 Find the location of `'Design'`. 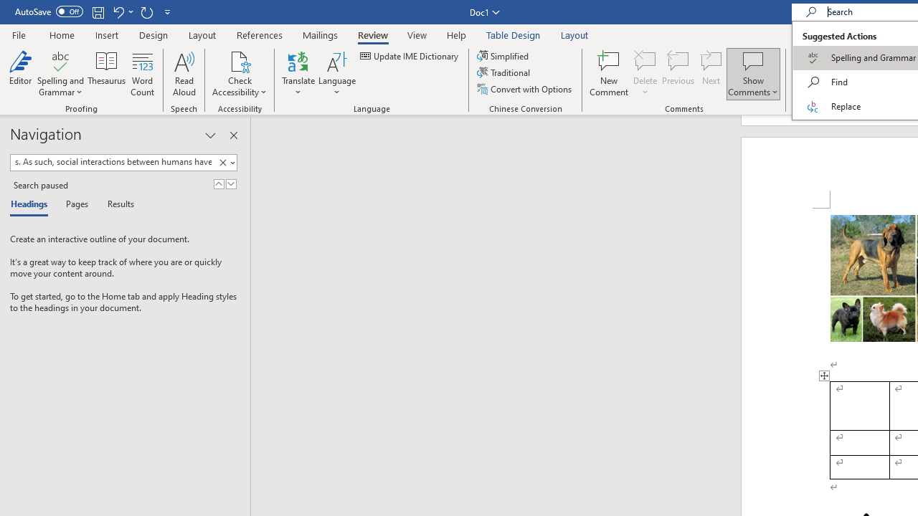

'Design' is located at coordinates (153, 34).